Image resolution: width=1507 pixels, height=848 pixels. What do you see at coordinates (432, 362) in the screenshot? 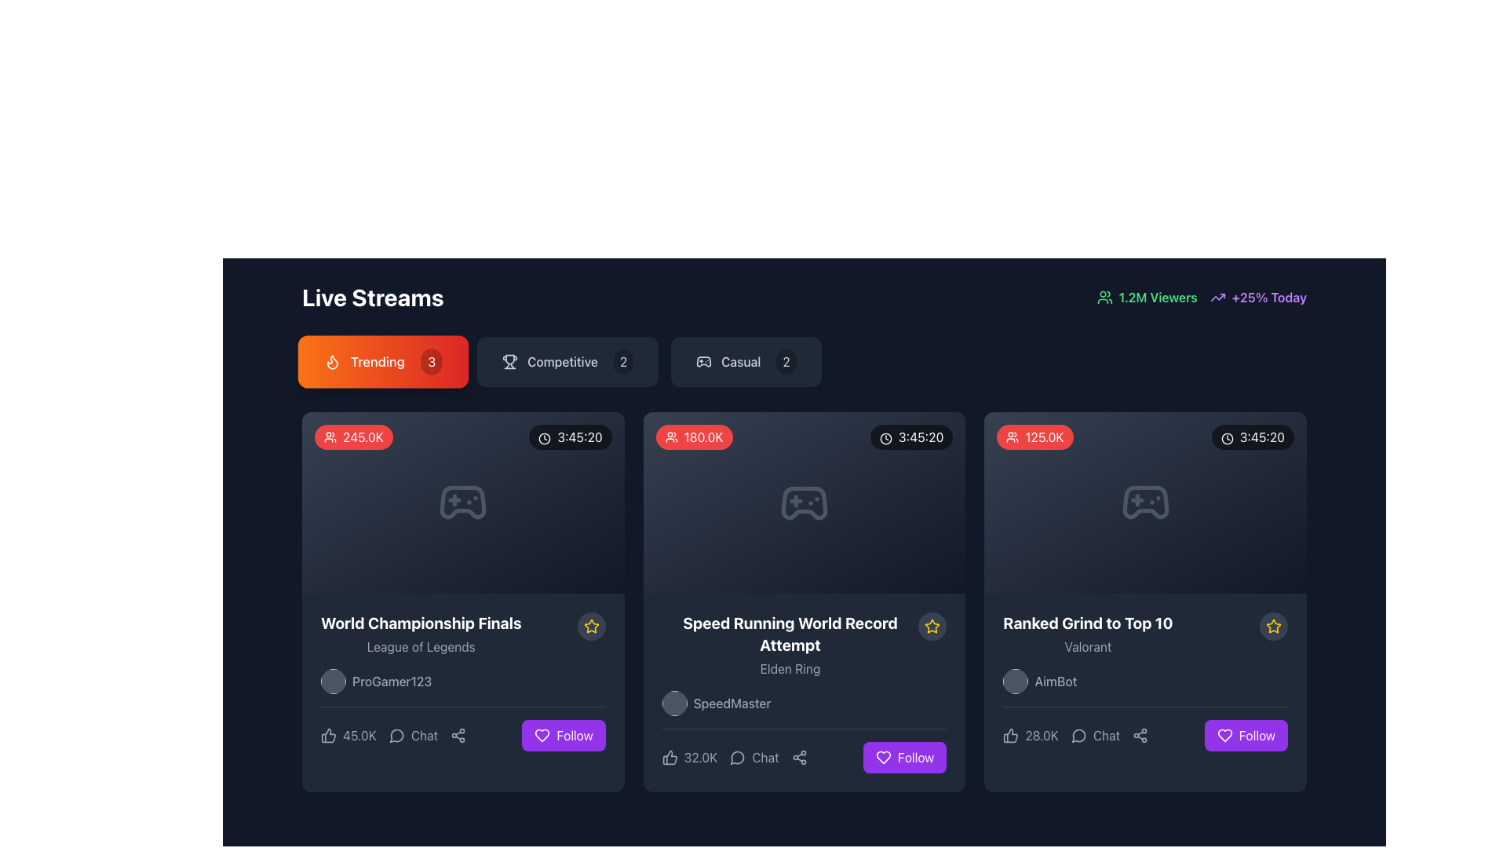
I see `counter value displayed on the Badge located in the top-right corner of the 'Trending' button` at bounding box center [432, 362].